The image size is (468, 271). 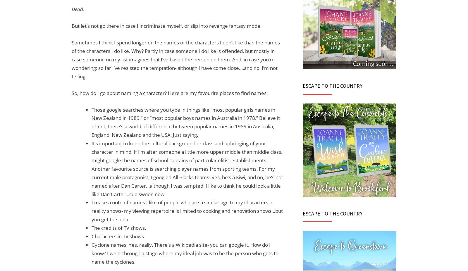 What do you see at coordinates (166, 25) in the screenshot?
I see `'But let’s not go there in case I incriminate myself, or slip into revenge fantasy mode.'` at bounding box center [166, 25].